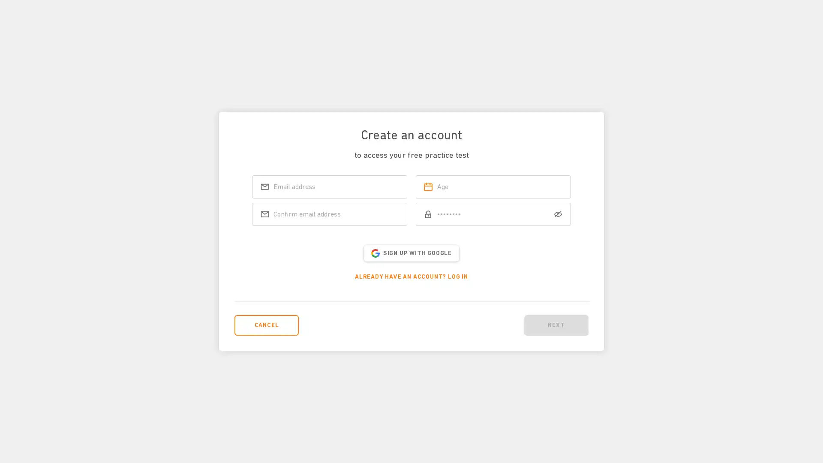 This screenshot has width=823, height=463. I want to click on Next, so click(556, 325).